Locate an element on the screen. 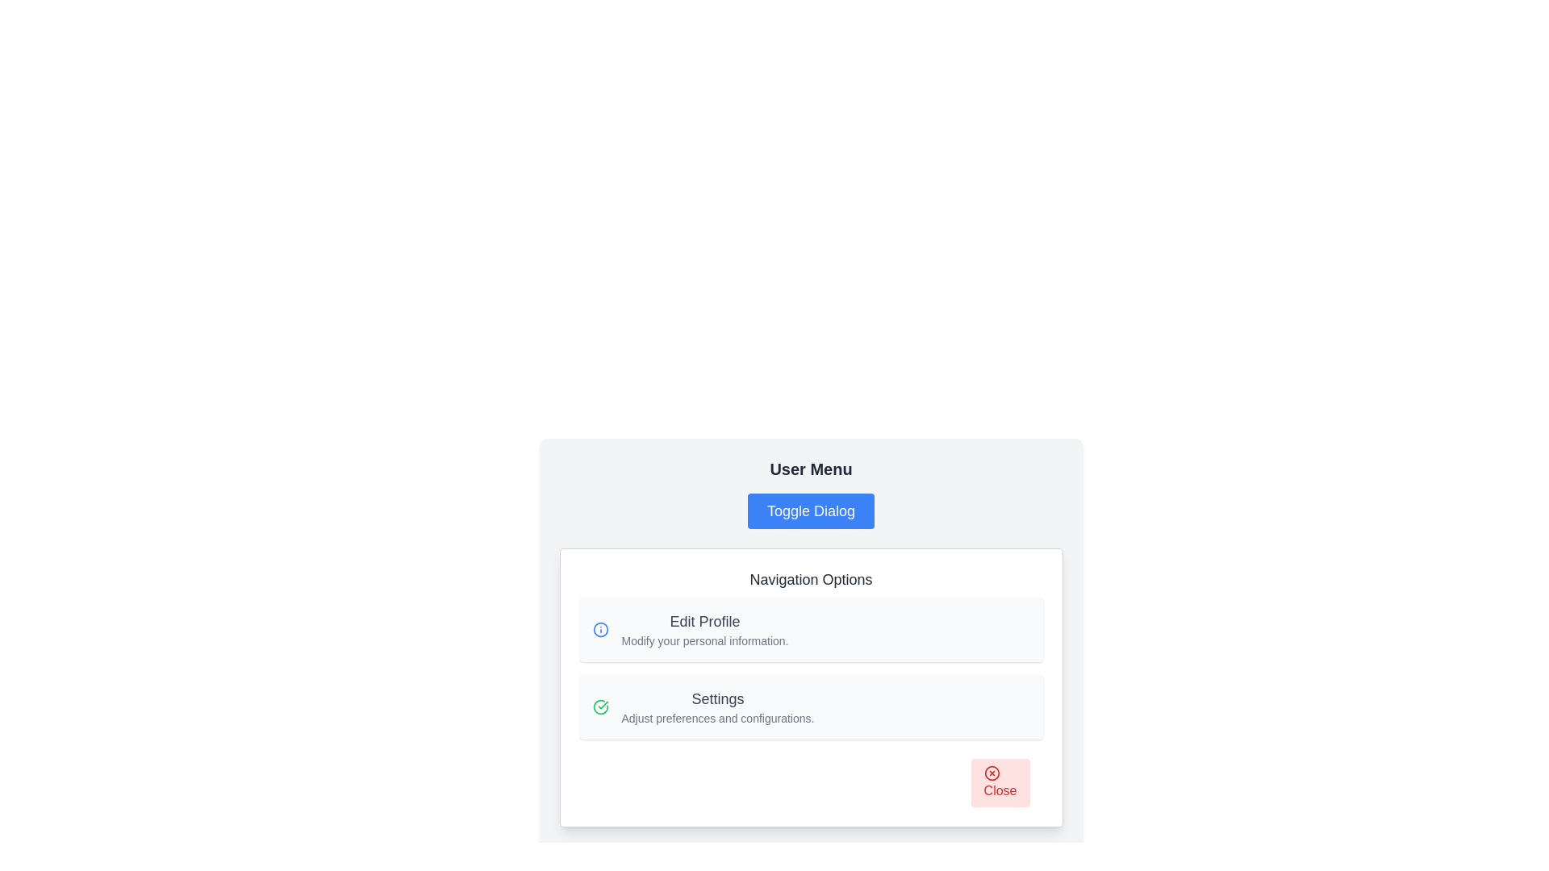  the 'Edit Profile' icon is located at coordinates (599, 628).